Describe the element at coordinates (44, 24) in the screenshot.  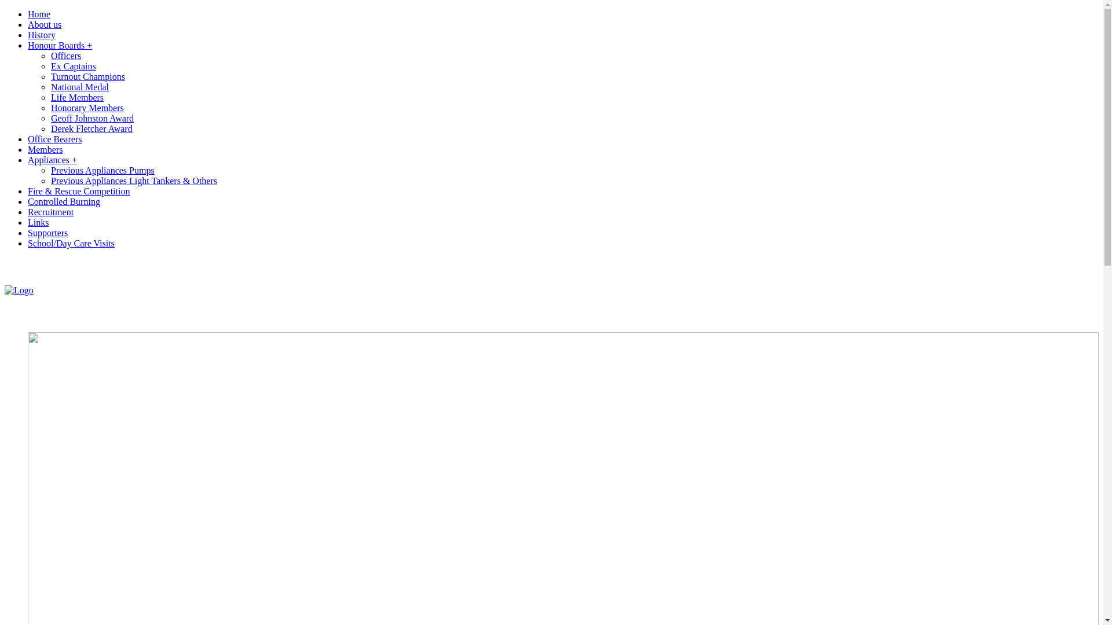
I see `'About us'` at that location.